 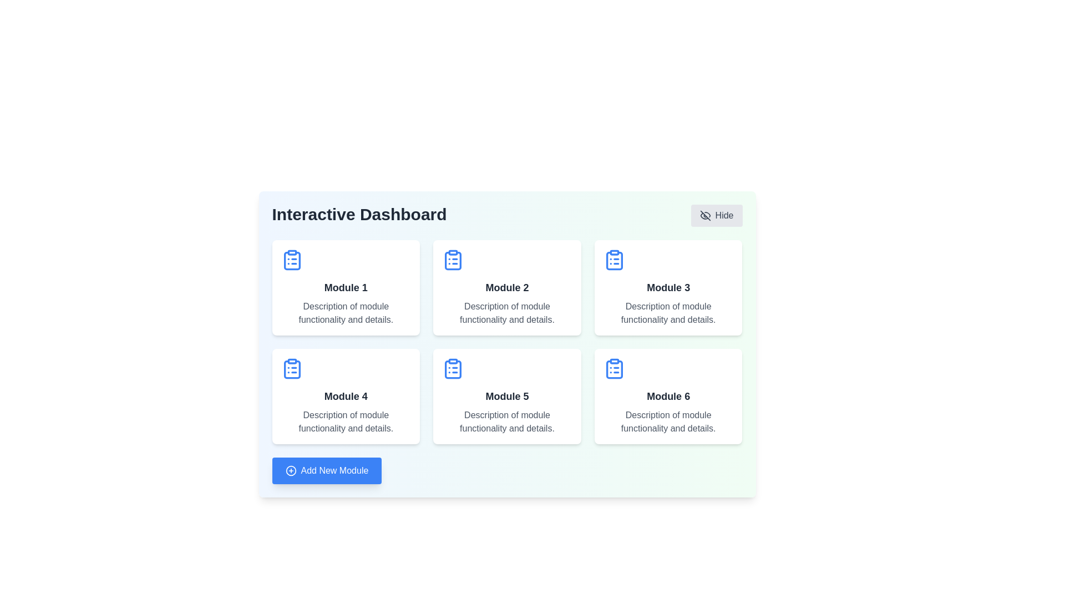 I want to click on the Informational card representing Module 6, located in the third column of the second row of the grid layout, adjacent to Module 5 and Module 4, so click(x=668, y=395).